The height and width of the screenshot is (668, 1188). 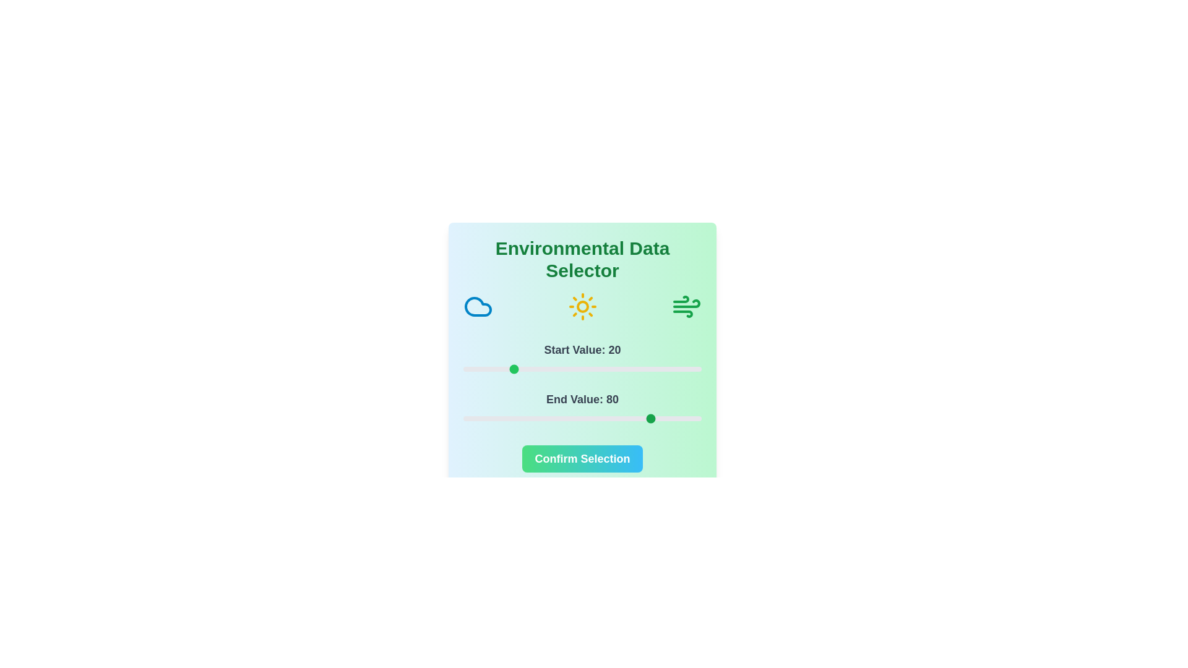 I want to click on the second range slider located below the 'Start Value: 20' slider and above the 'Confirm Selection' button, so click(x=582, y=408).